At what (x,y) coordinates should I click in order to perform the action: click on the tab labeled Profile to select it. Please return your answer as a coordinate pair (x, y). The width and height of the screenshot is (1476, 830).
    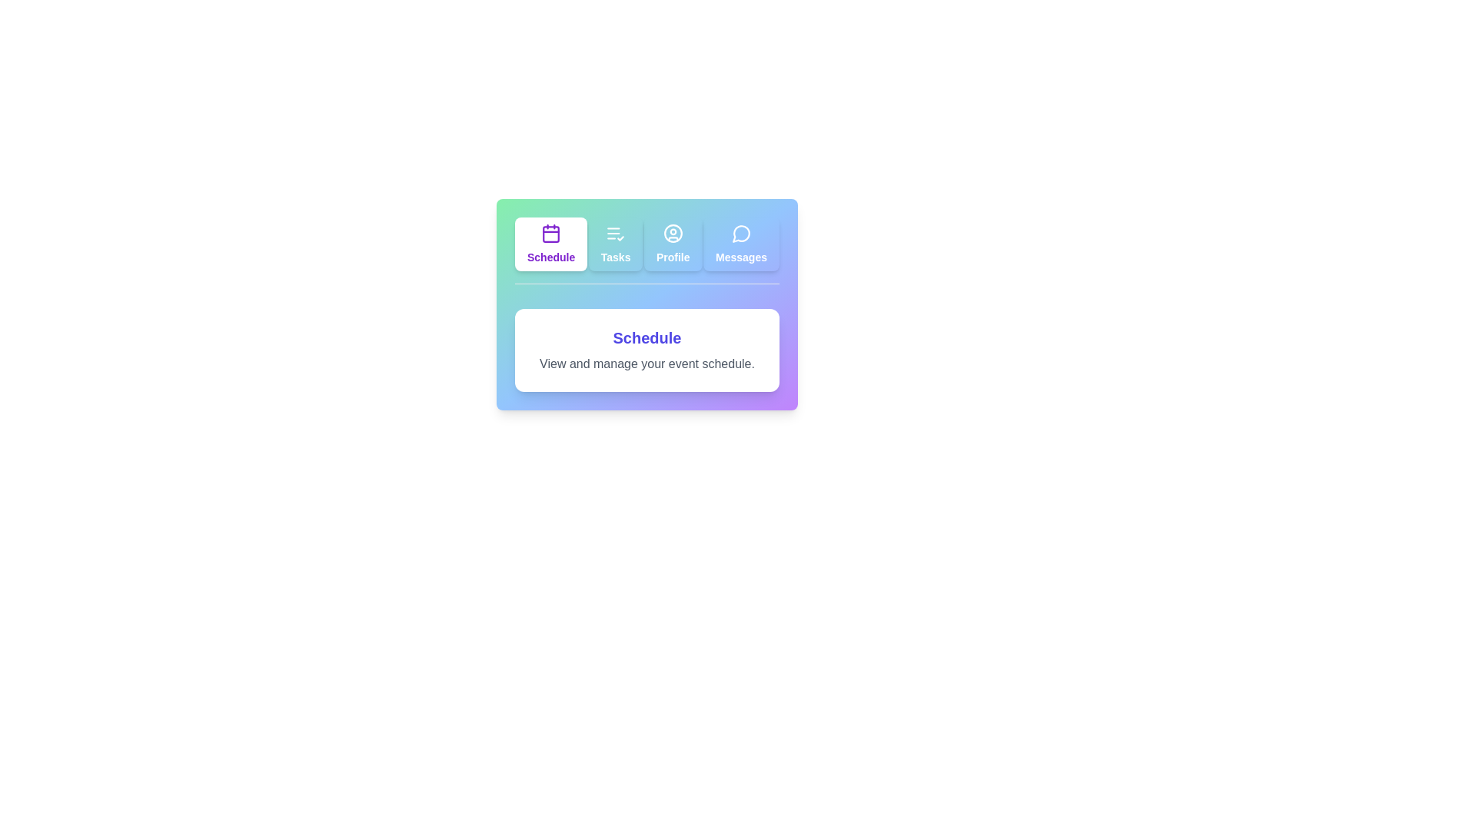
    Looking at the image, I should click on (673, 243).